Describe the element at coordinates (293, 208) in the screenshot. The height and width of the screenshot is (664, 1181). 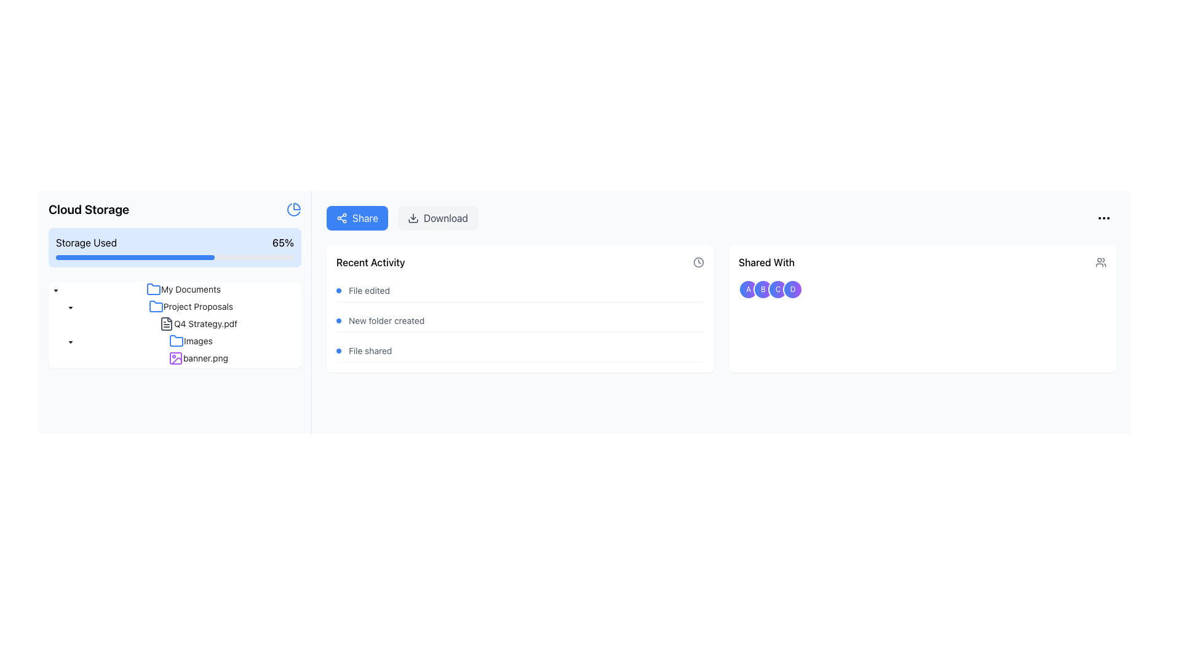
I see `the blue pie chart icon with rounded edges located to the right of the 'Cloud Storage' header` at that location.